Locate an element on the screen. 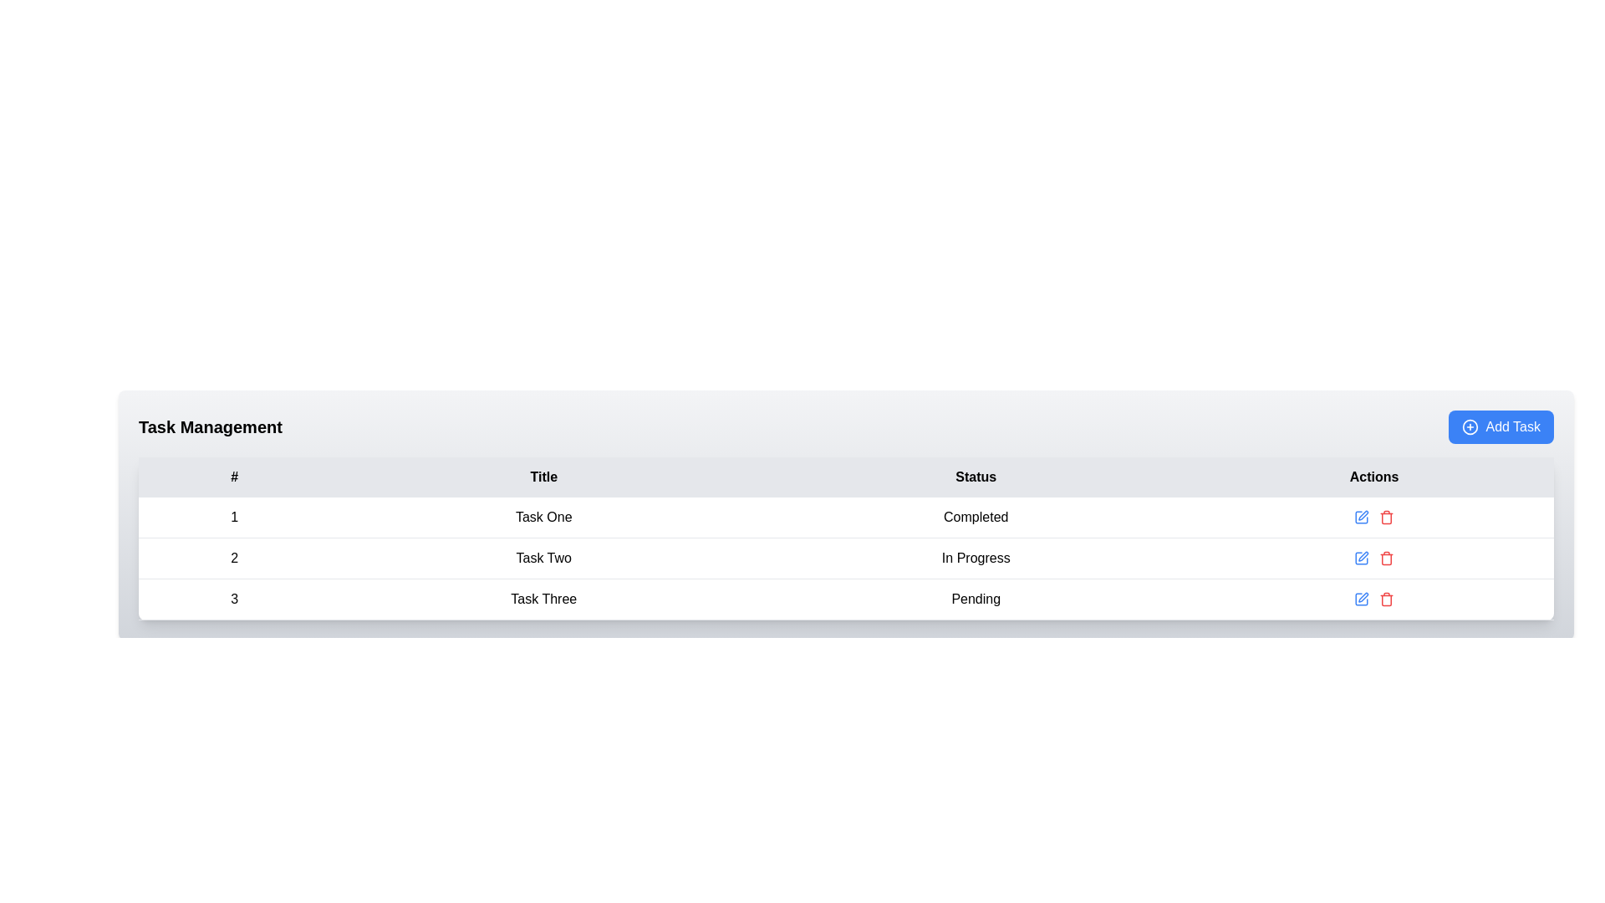 Image resolution: width=1605 pixels, height=903 pixels. the blue editing icon resembling a pen in the 'Actions' column of the third row in the table to change its color to darker blue is located at coordinates (1363, 596).